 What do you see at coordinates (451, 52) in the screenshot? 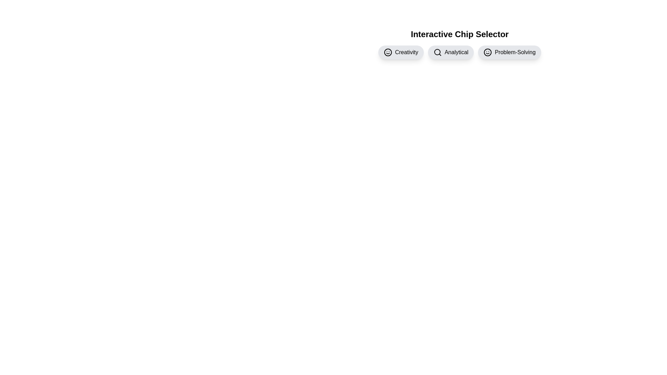
I see `the chip labeled Analytical by clicking on it` at bounding box center [451, 52].